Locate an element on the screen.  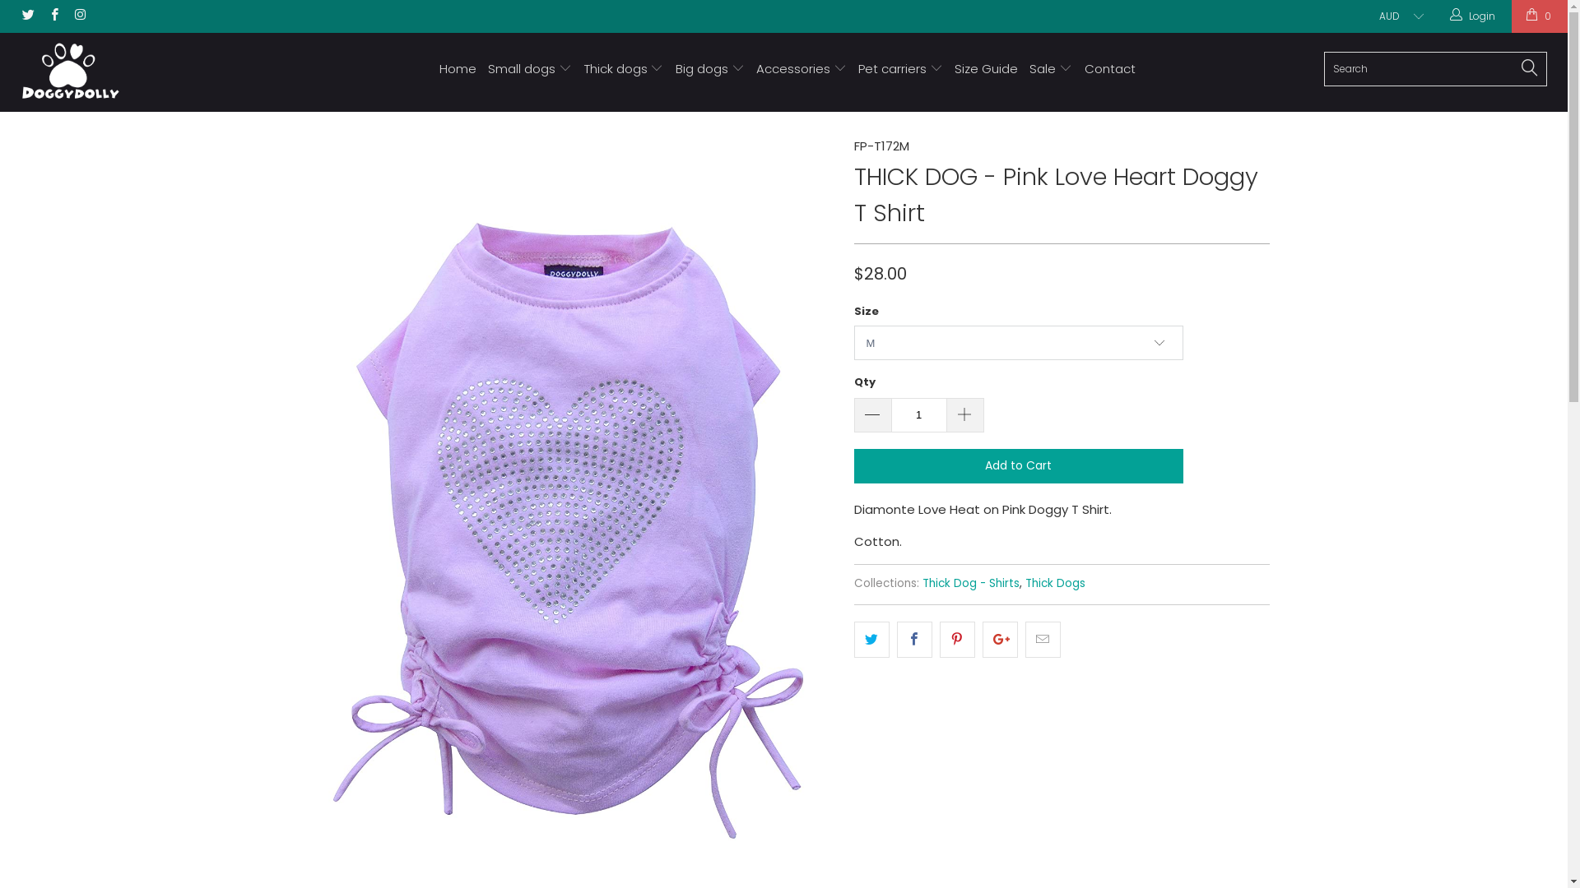
'Add to Cart' is located at coordinates (1018, 466).